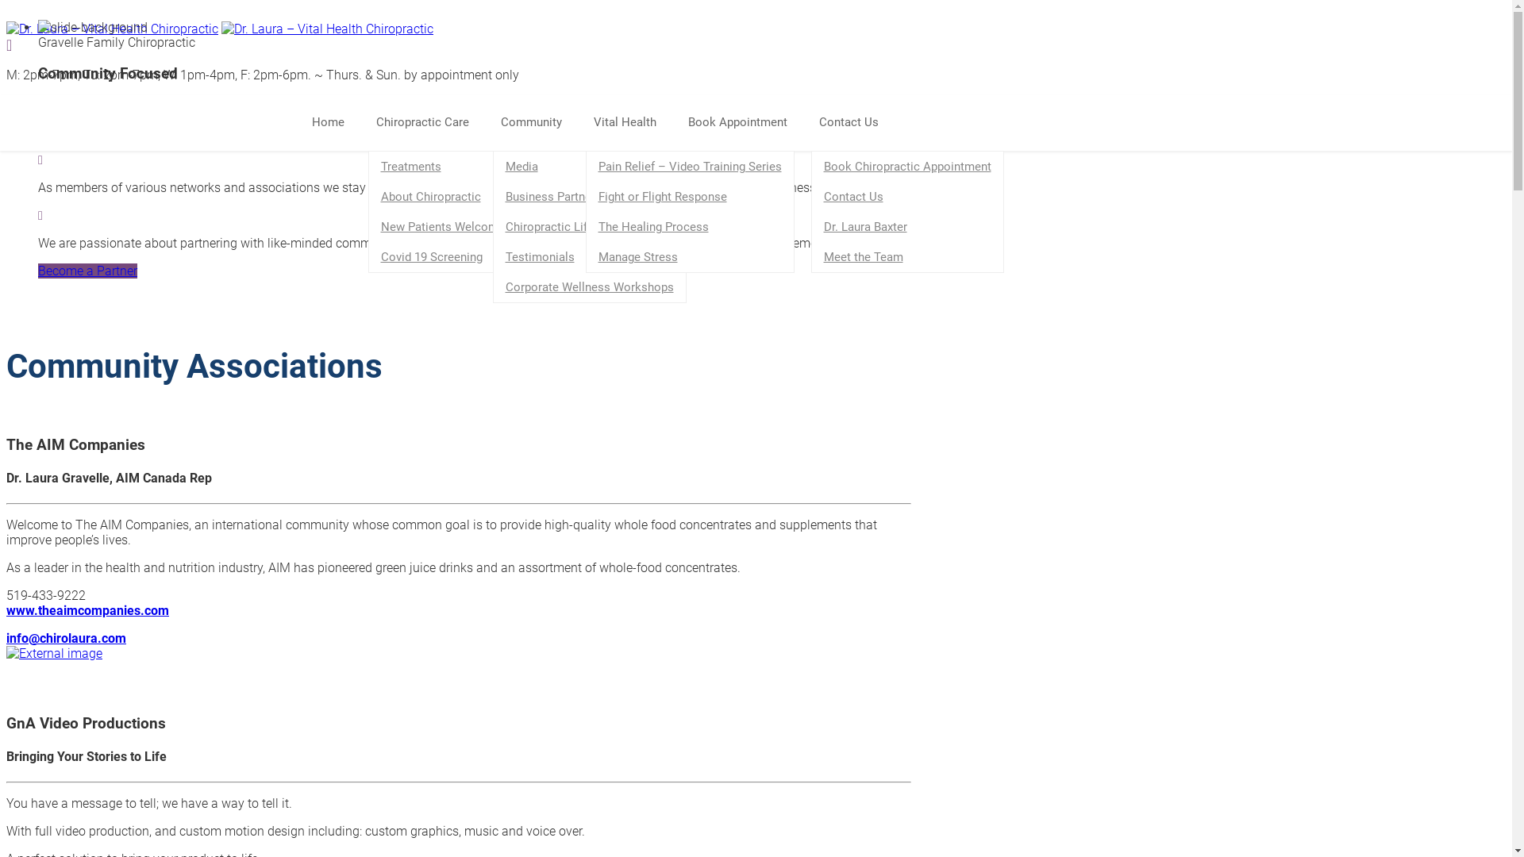 Image resolution: width=1524 pixels, height=857 pixels. Describe the element at coordinates (430, 121) in the screenshot. I see `'Chiropractic Care'` at that location.